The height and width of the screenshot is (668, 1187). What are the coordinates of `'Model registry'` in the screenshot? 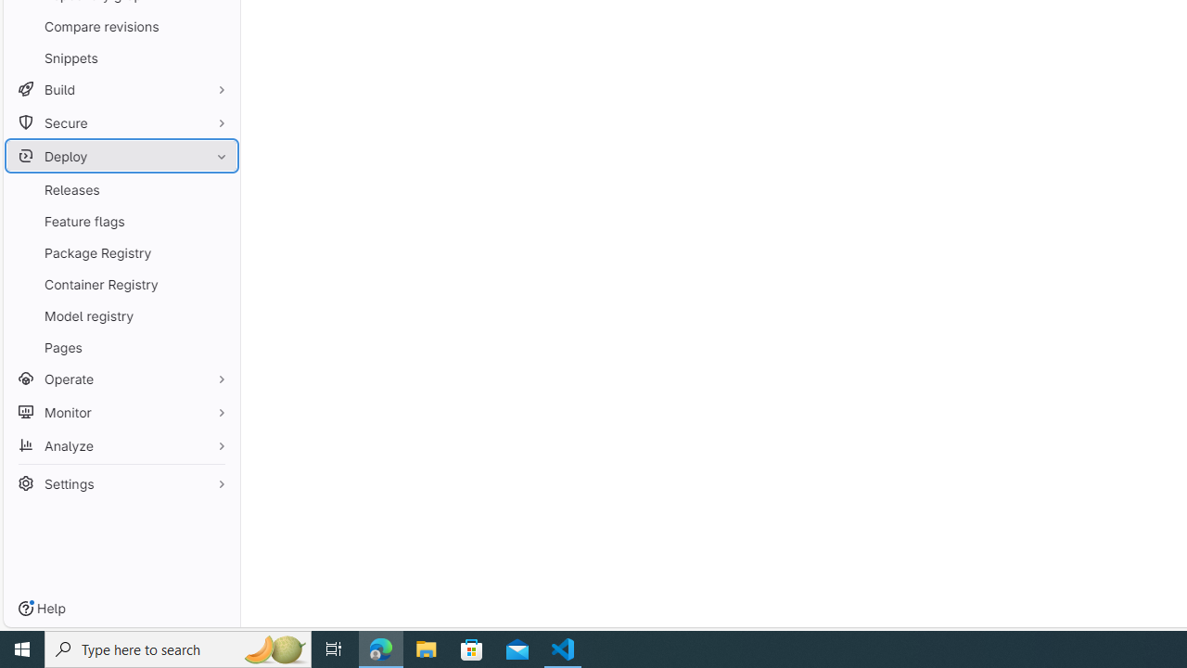 It's located at (121, 315).